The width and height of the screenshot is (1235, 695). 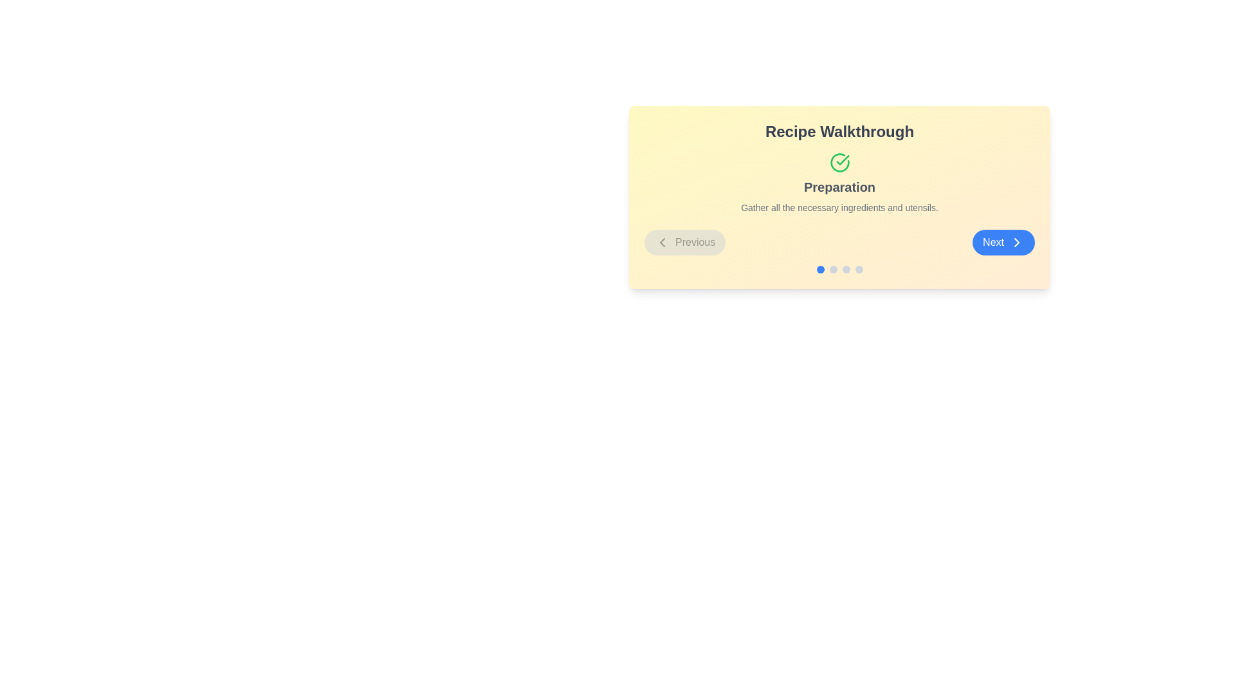 I want to click on the 'Previous' button that contains the left-pointing arrow icon, which is designed with clean and minimalistic lines, so click(x=663, y=243).